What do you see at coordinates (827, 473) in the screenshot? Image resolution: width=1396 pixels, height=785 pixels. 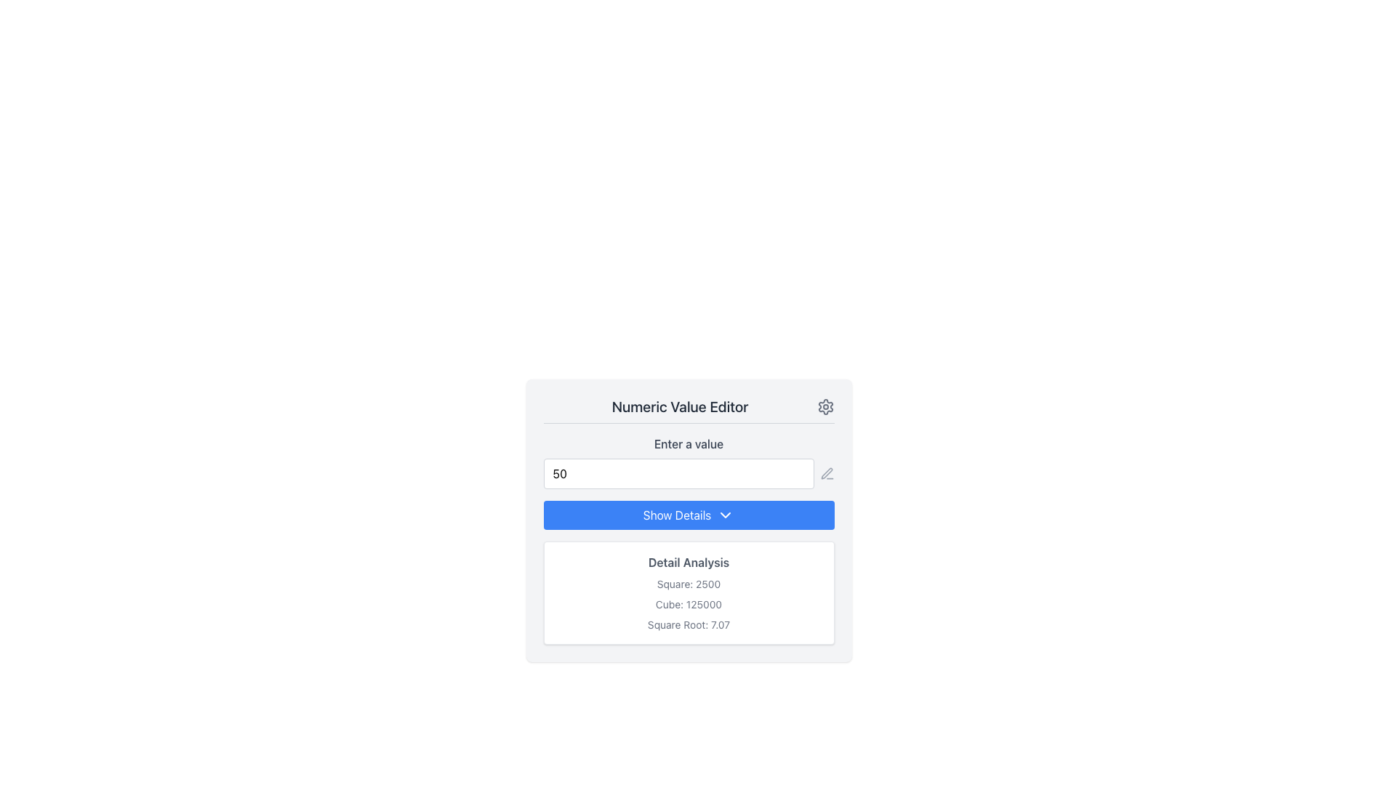 I see `the editing icon located in the top-right corner of the Numeric Value Editor to initiate editing` at bounding box center [827, 473].